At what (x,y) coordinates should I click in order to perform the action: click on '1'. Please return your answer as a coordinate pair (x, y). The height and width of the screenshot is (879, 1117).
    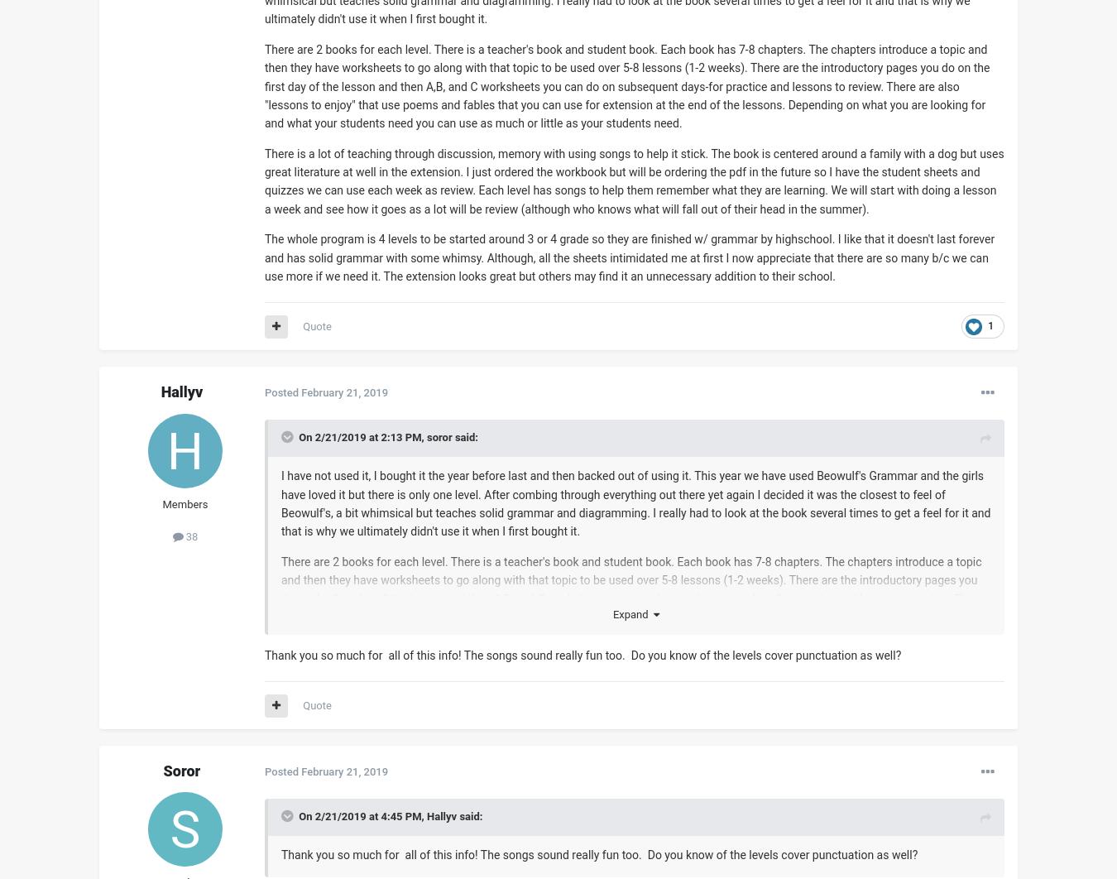
    Looking at the image, I should click on (990, 325).